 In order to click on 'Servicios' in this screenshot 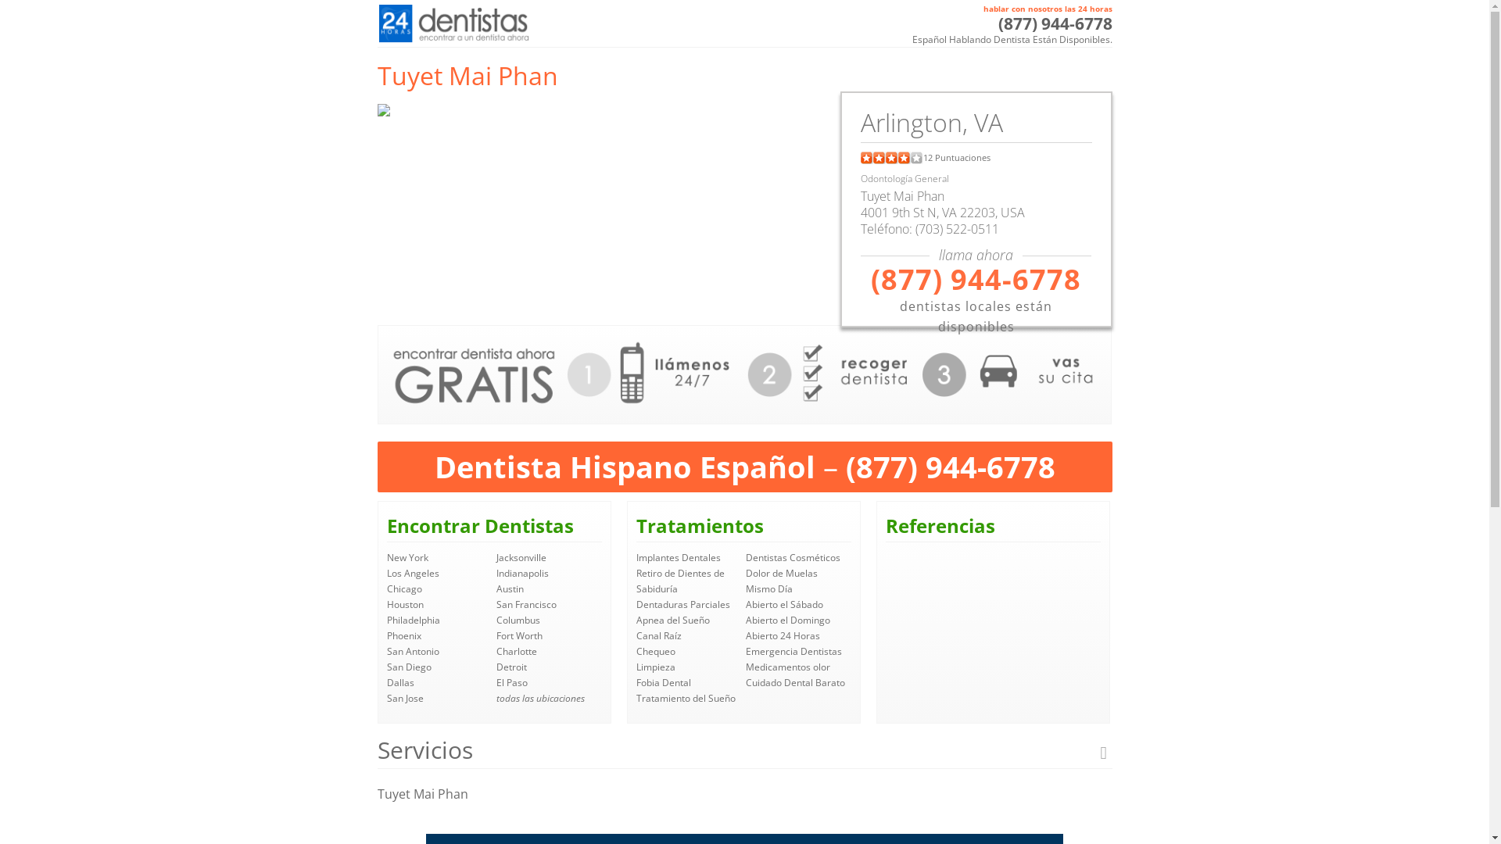, I will do `click(743, 749)`.